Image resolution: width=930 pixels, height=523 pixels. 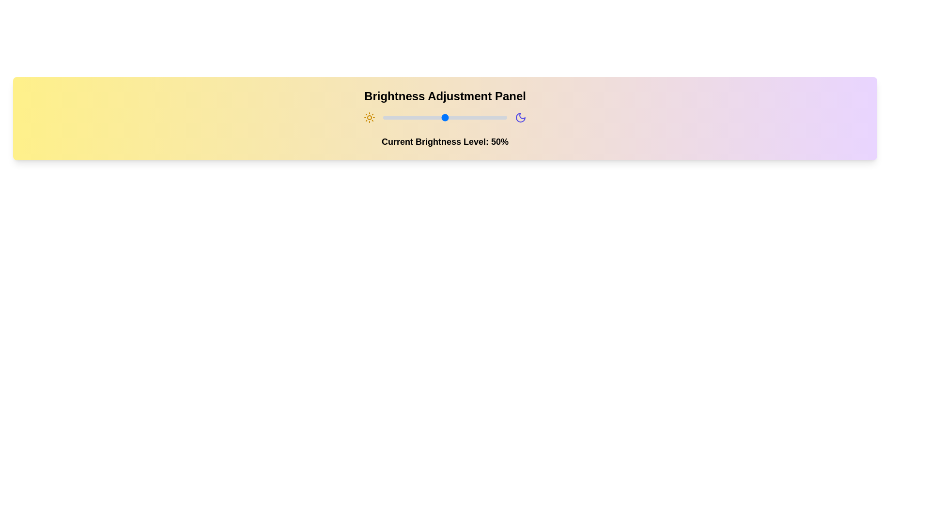 I want to click on the brightness slider to 74% to observe changes in the visual feedback of the sun and moon icons, so click(x=475, y=117).